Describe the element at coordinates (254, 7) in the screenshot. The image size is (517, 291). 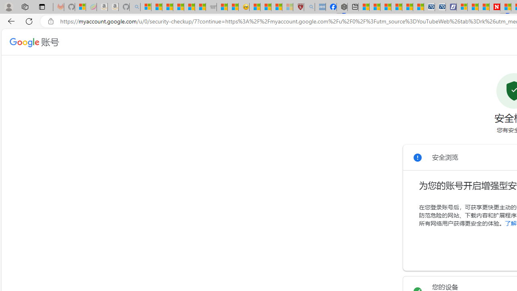
I see `'Recipes - MSN'` at that location.